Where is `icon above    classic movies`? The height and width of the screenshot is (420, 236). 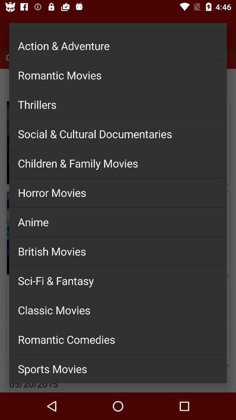
icon above    classic movies is located at coordinates (118, 280).